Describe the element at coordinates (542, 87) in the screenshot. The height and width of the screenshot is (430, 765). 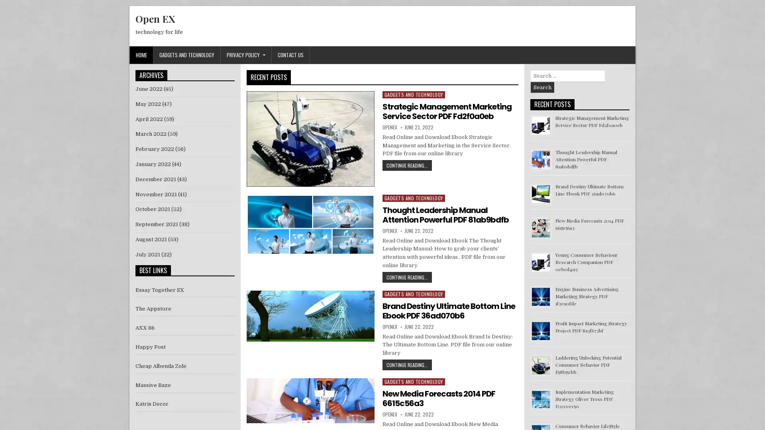
I see `Search` at that location.